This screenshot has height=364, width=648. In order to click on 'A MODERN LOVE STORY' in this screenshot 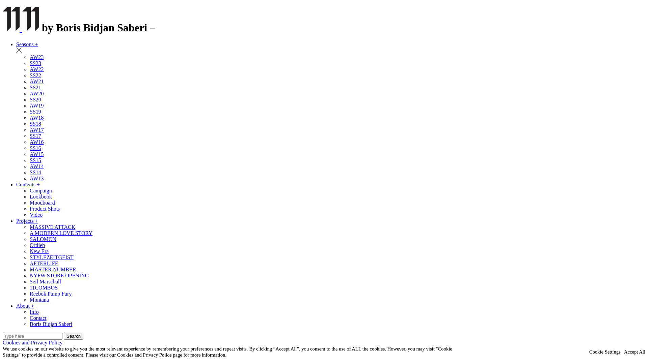, I will do `click(61, 233)`.